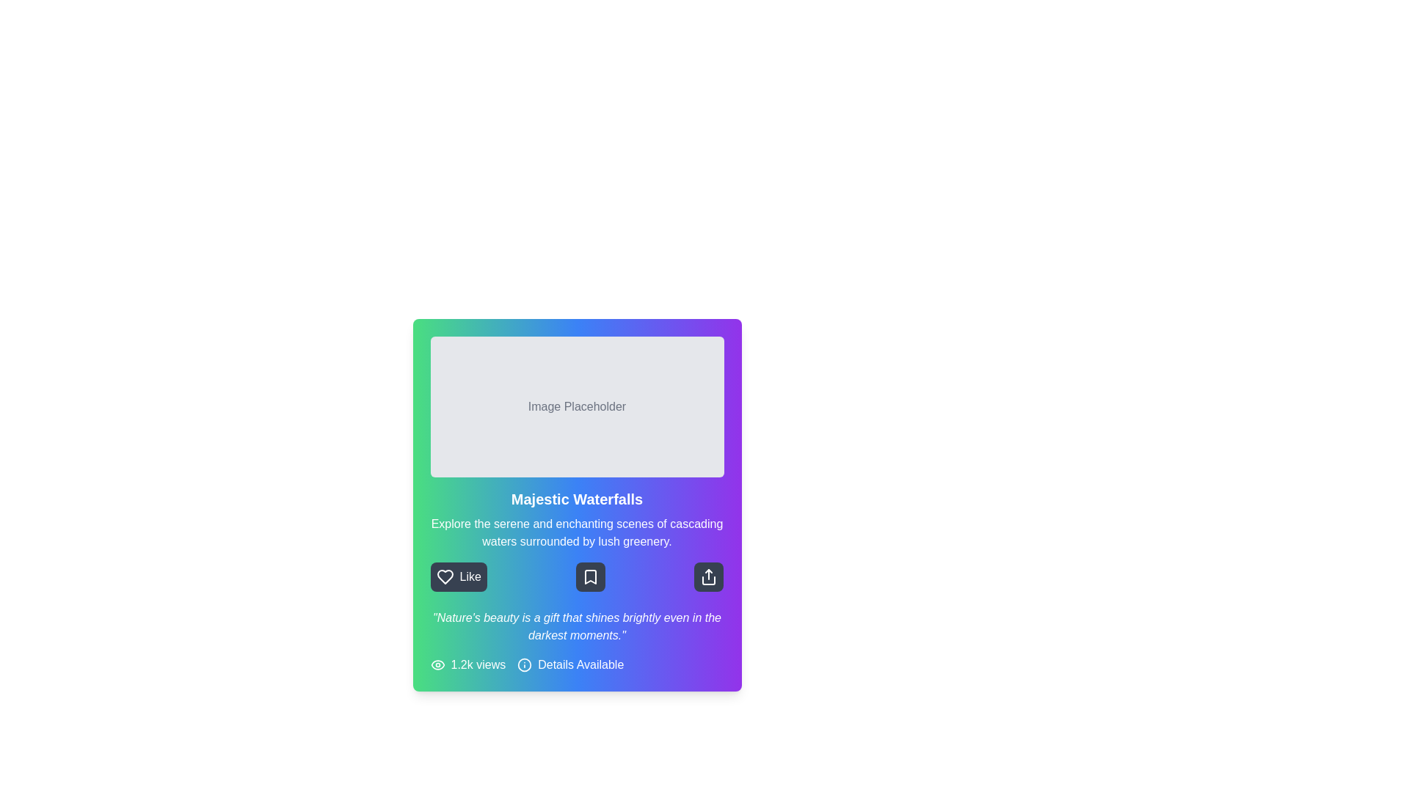  Describe the element at coordinates (525, 664) in the screenshot. I see `the icon located to the left of the 'Details Available' text in the highlighted section at the bottom of the card-like interface` at that location.